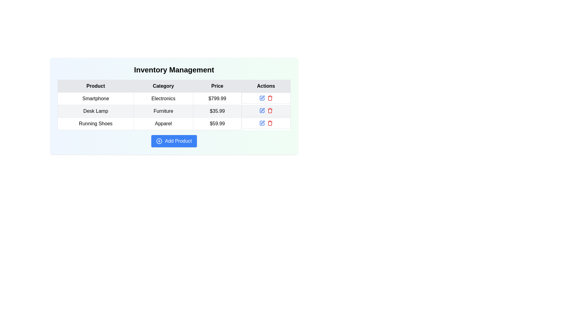 This screenshot has height=330, width=588. What do you see at coordinates (174, 106) in the screenshot?
I see `the Table cell under the 'Category' column` at bounding box center [174, 106].